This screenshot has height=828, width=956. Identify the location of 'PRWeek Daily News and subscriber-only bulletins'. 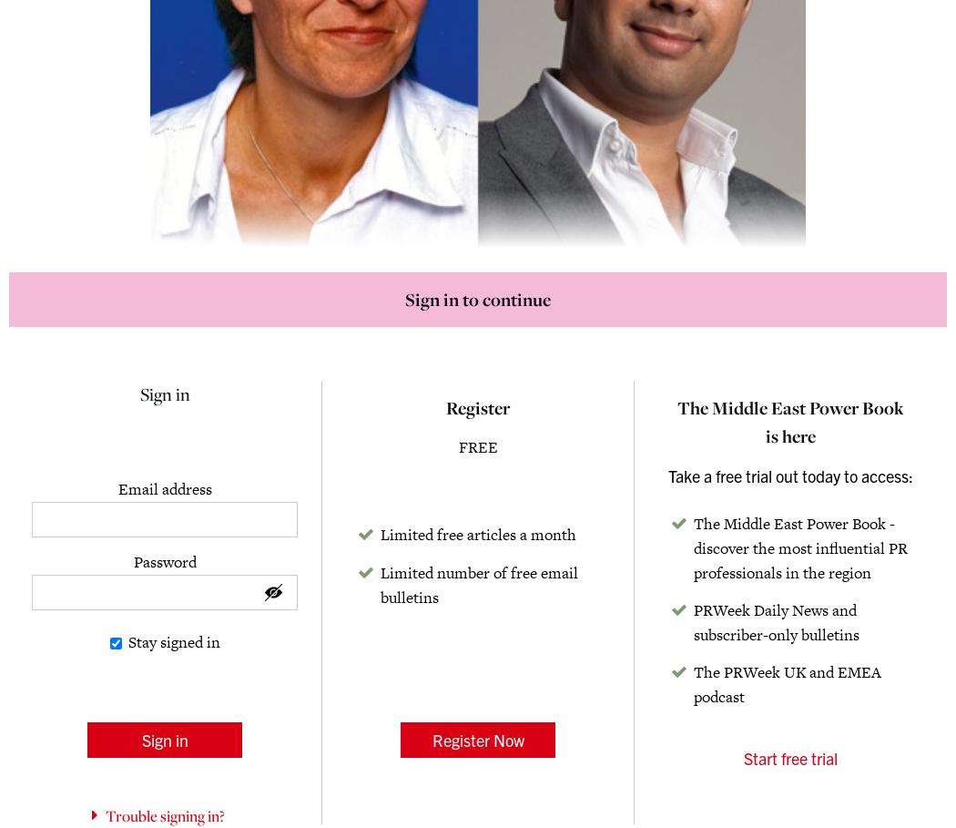
(777, 621).